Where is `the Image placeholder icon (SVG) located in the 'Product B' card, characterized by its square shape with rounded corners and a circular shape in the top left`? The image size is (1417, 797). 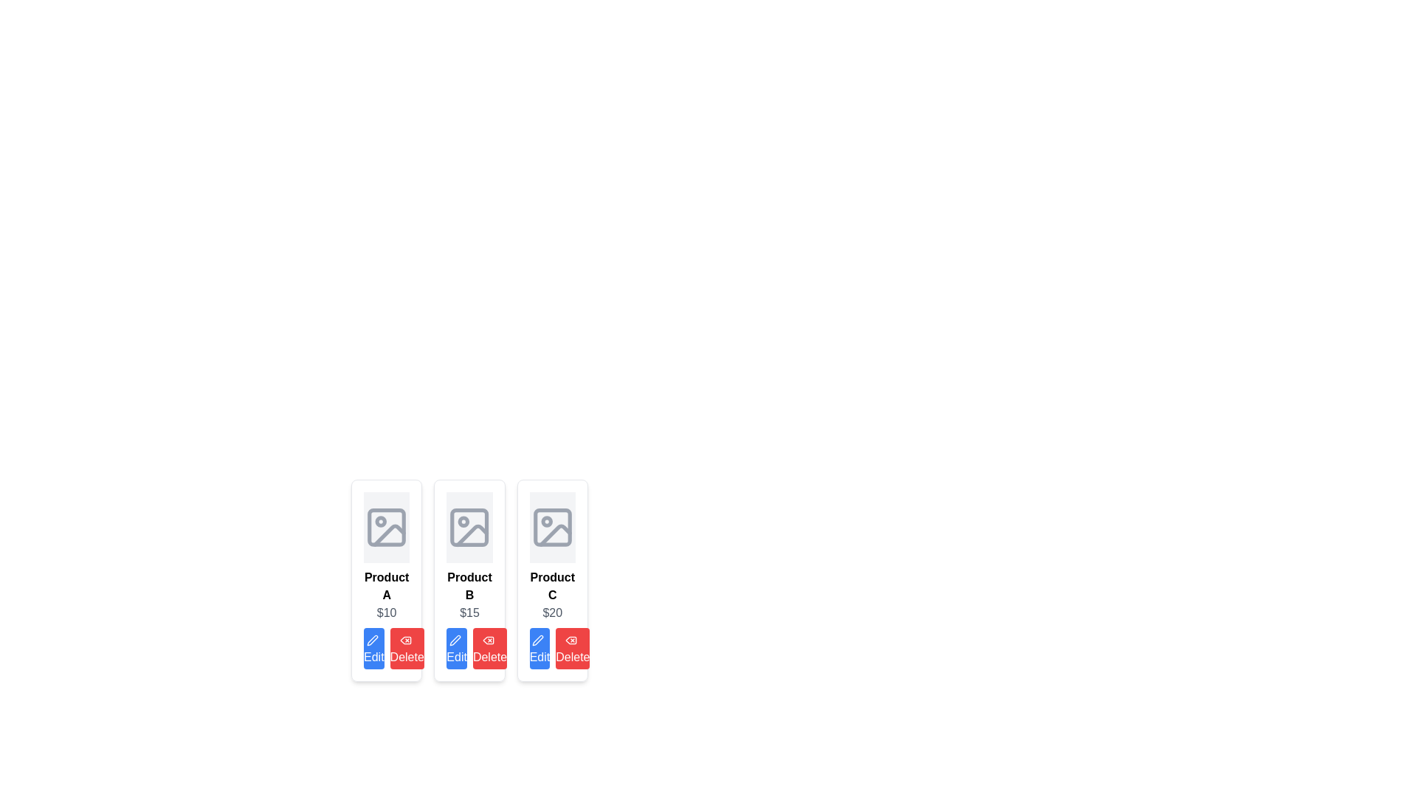
the Image placeholder icon (SVG) located in the 'Product B' card, characterized by its square shape with rounded corners and a circular shape in the top left is located at coordinates (469, 526).